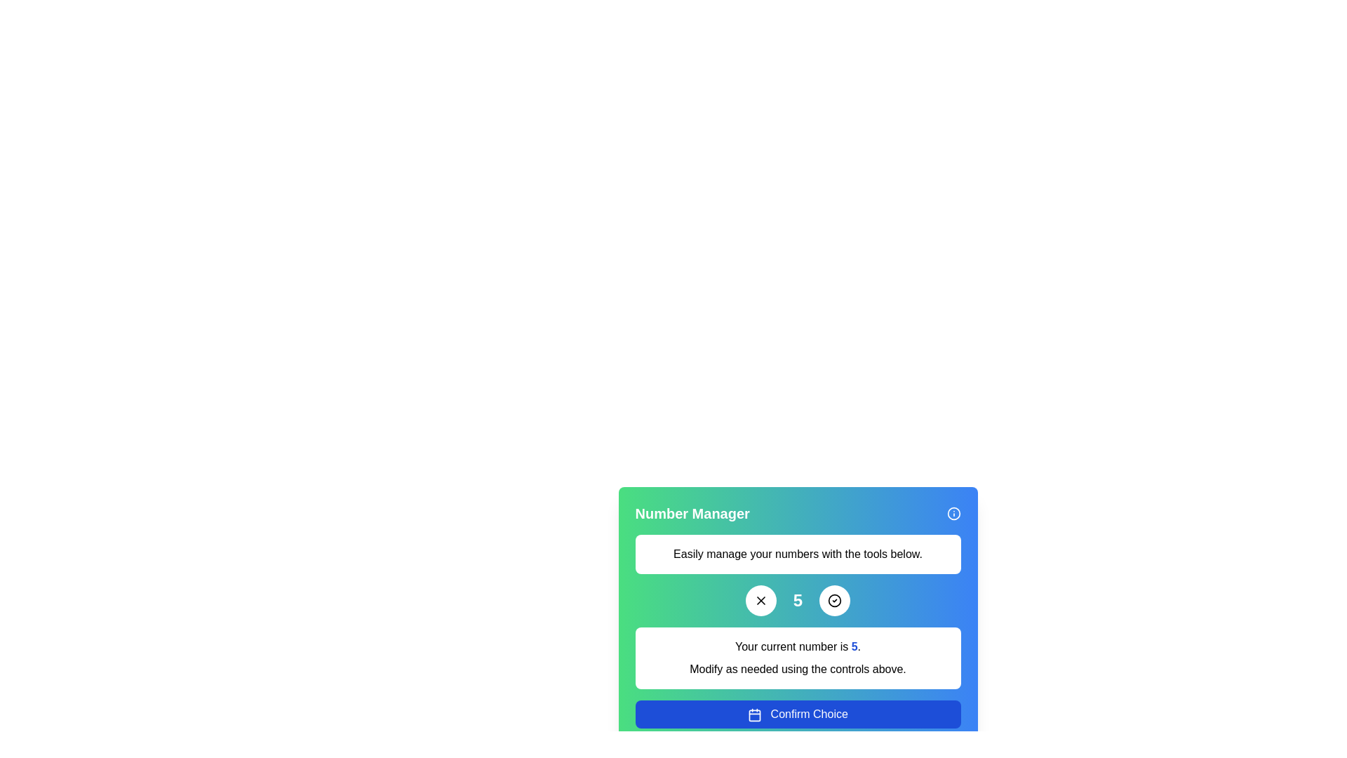  Describe the element at coordinates (754, 714) in the screenshot. I see `the calendar icon located inside the 'Confirm Choice' button, adjacent to the text 'Confirm Choice'` at that location.